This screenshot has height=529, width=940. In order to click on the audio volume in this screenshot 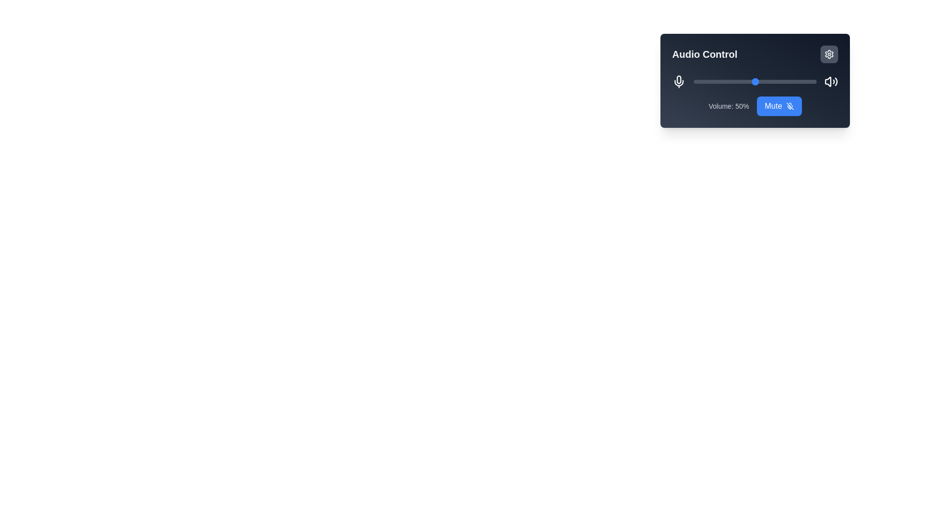, I will do `click(751, 81)`.